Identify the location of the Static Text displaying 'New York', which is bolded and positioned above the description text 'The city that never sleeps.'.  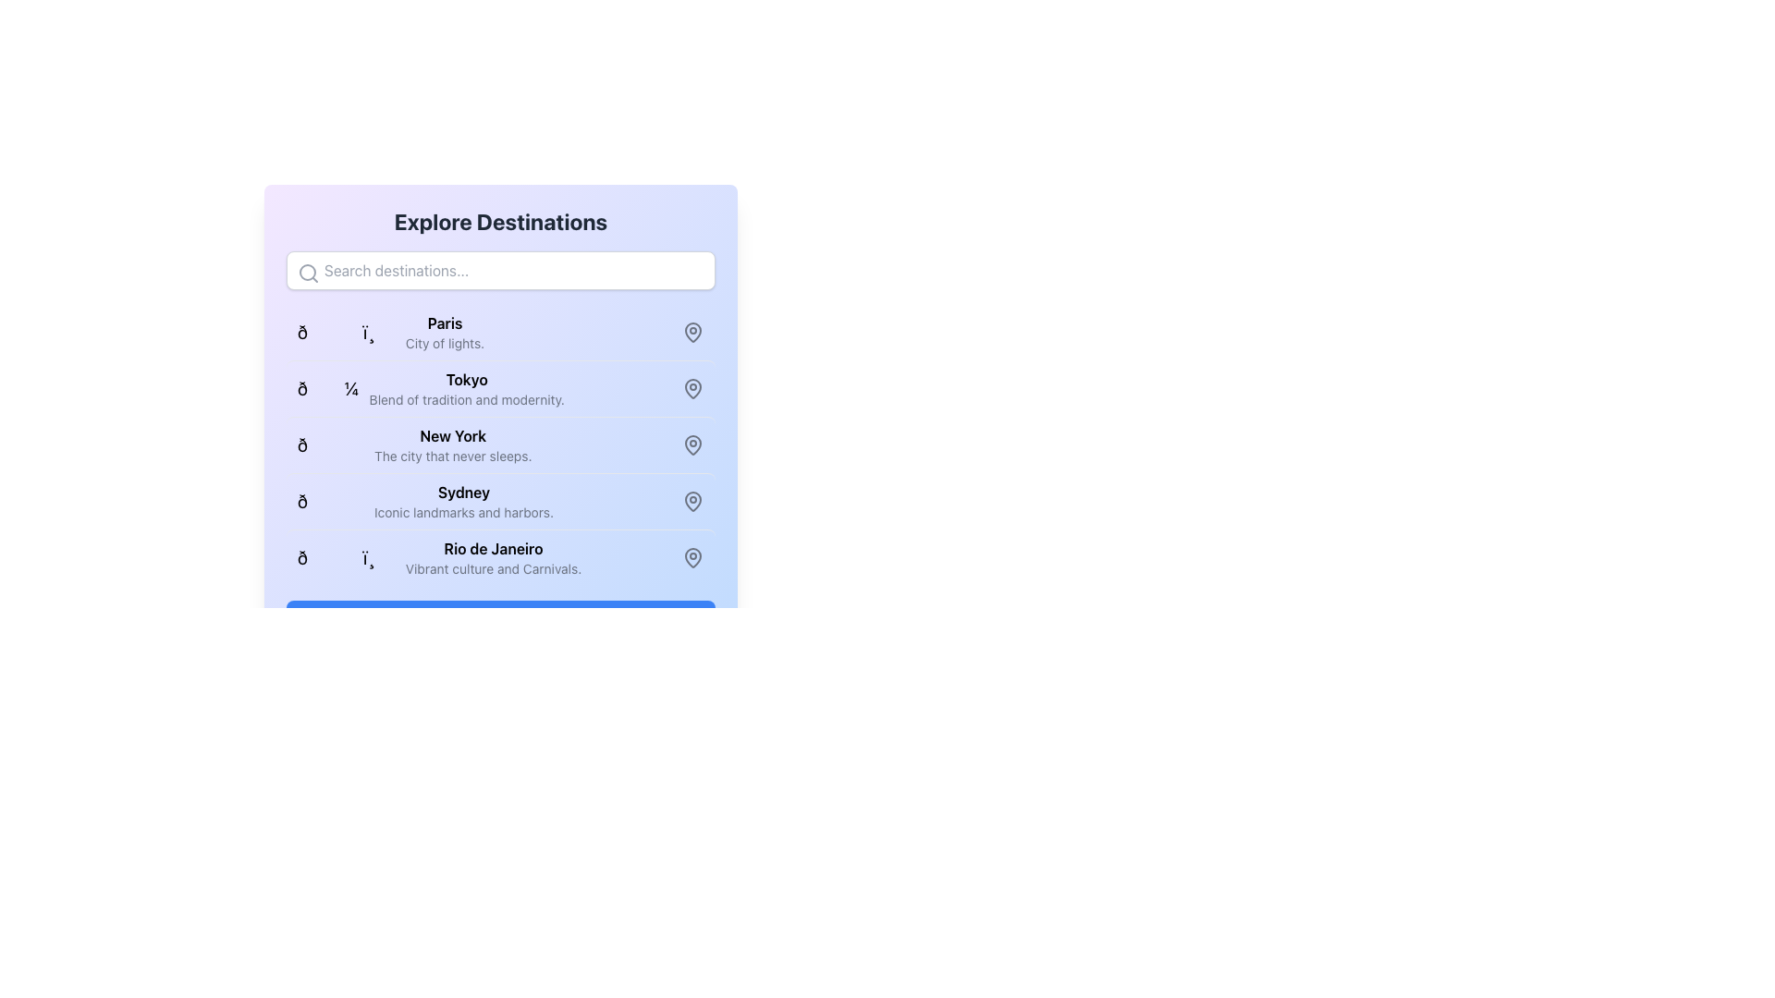
(453, 435).